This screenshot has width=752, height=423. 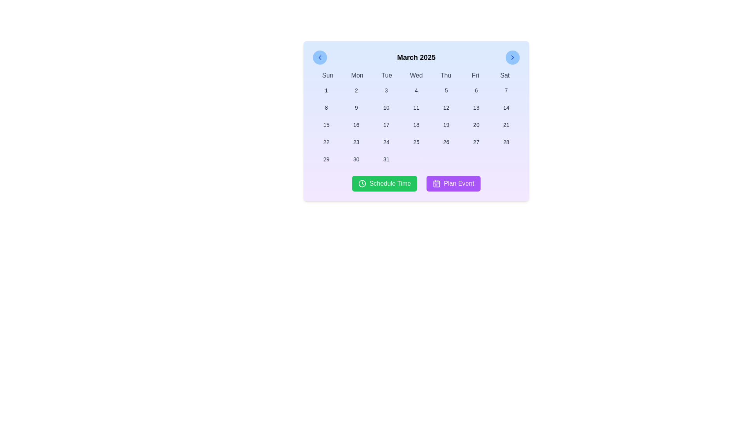 I want to click on the small, rectangular button with rounded corners and the dark text '18' located in the third row and fourth column of the calendar date grid for March 2025, so click(x=416, y=125).